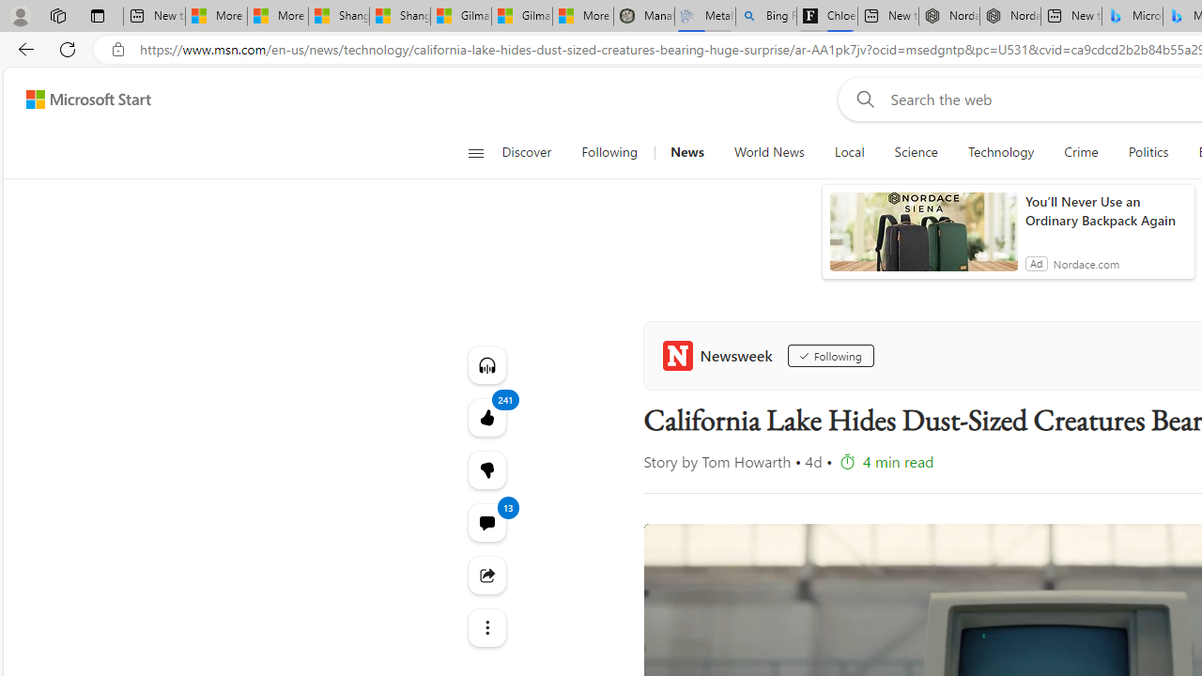 Image resolution: width=1202 pixels, height=676 pixels. I want to click on 'Nordace.com', so click(1086, 263).